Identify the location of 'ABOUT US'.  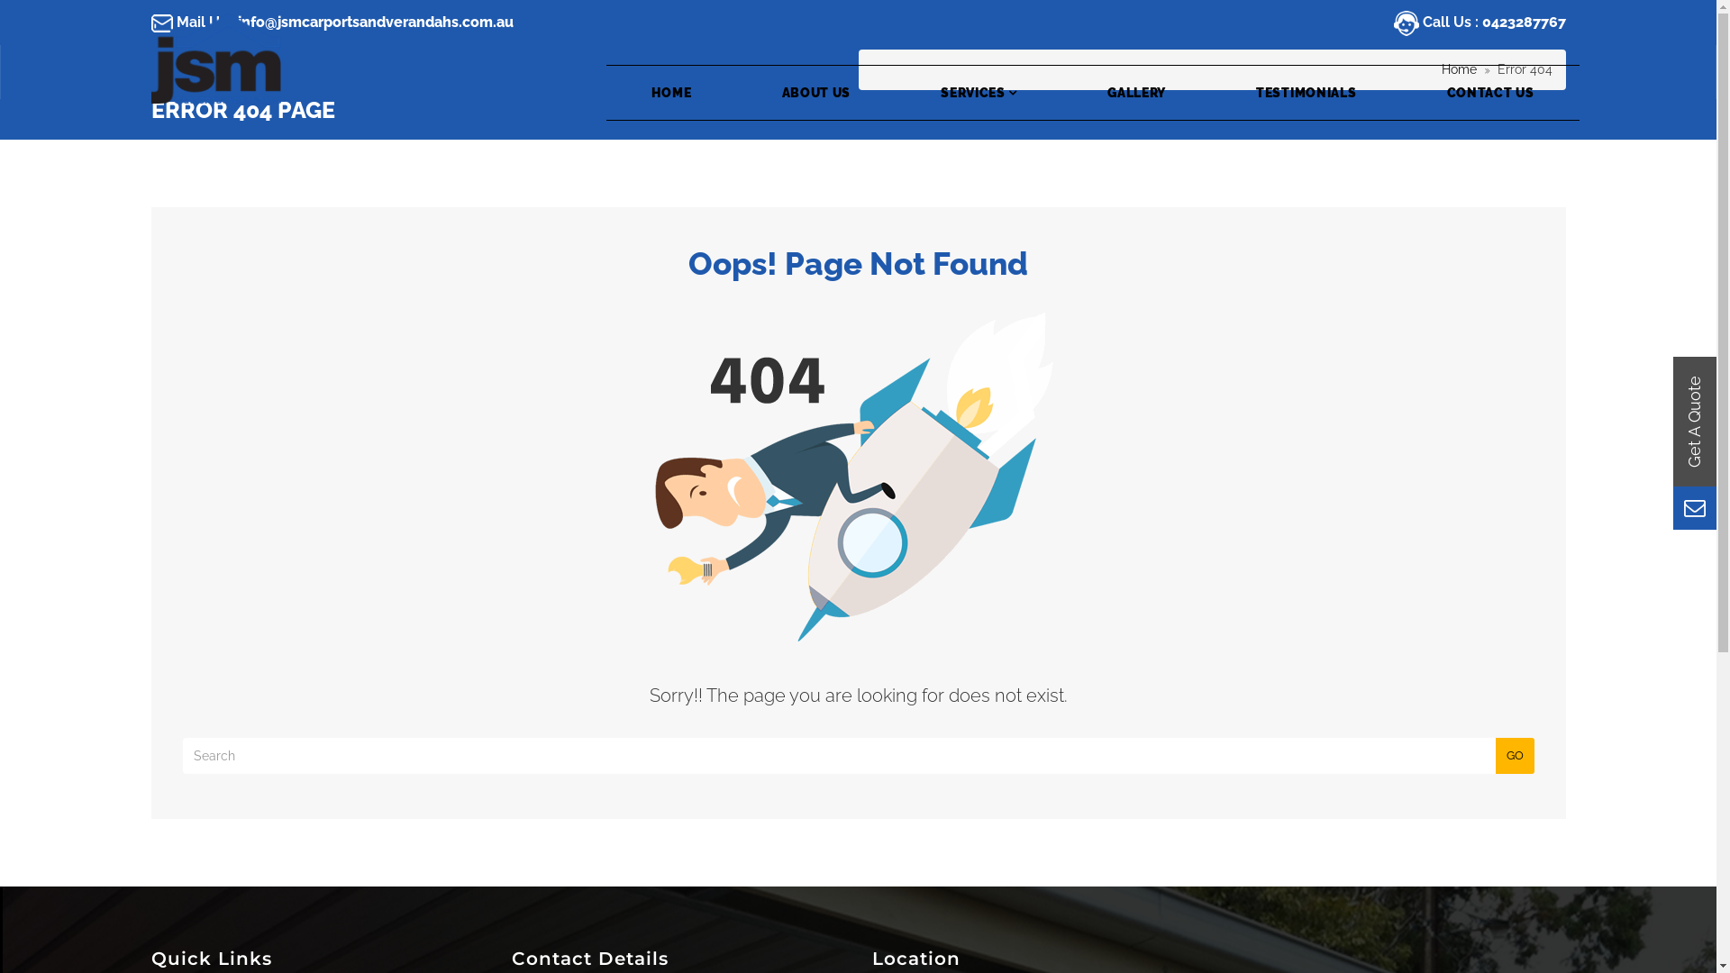
(815, 93).